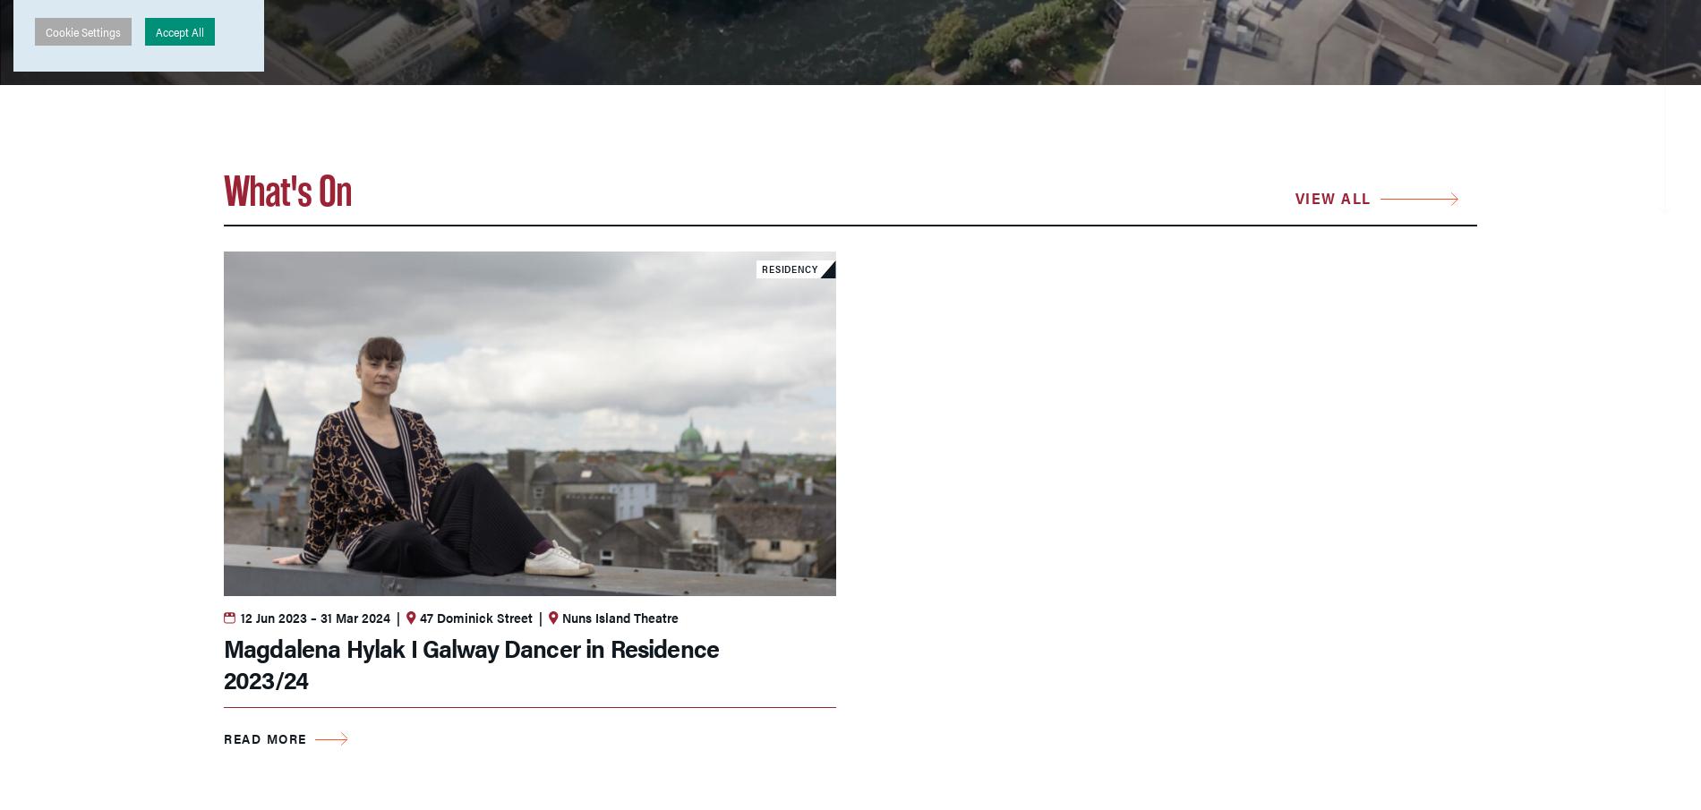  Describe the element at coordinates (1332, 196) in the screenshot. I see `'View All'` at that location.